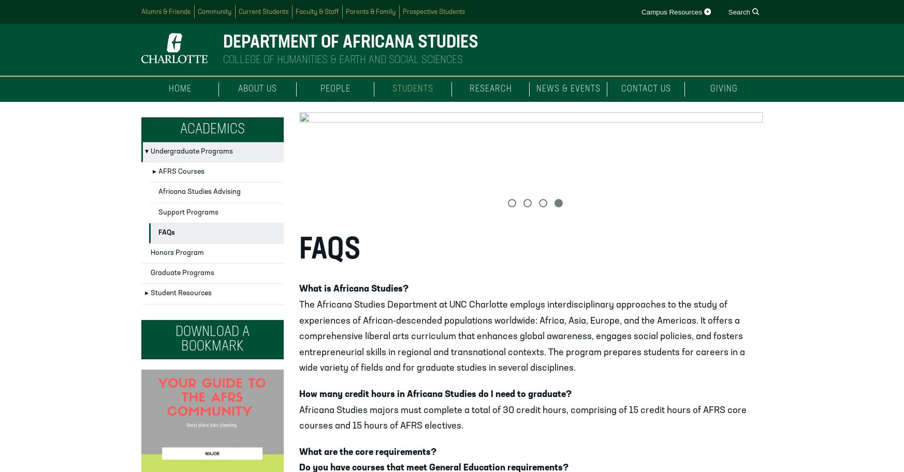 Image resolution: width=904 pixels, height=472 pixels. I want to click on 'Contact Us', so click(645, 89).